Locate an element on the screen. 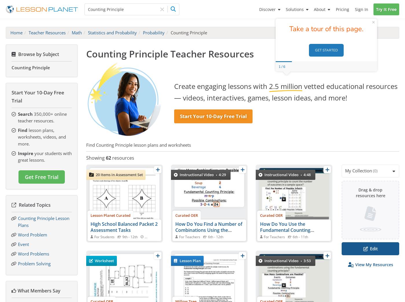 The height and width of the screenshot is (302, 405). 'Teacher Resources' is located at coordinates (47, 32).